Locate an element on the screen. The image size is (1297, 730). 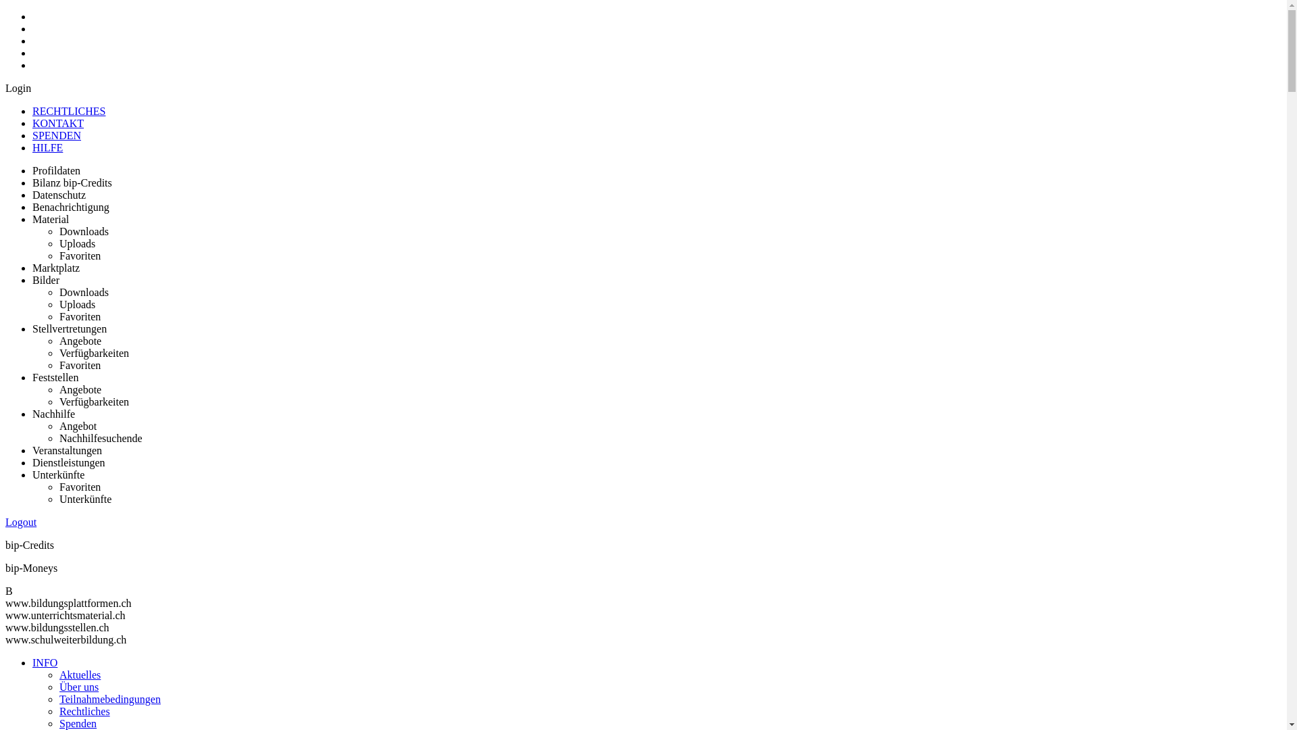
'HILFE' is located at coordinates (47, 147).